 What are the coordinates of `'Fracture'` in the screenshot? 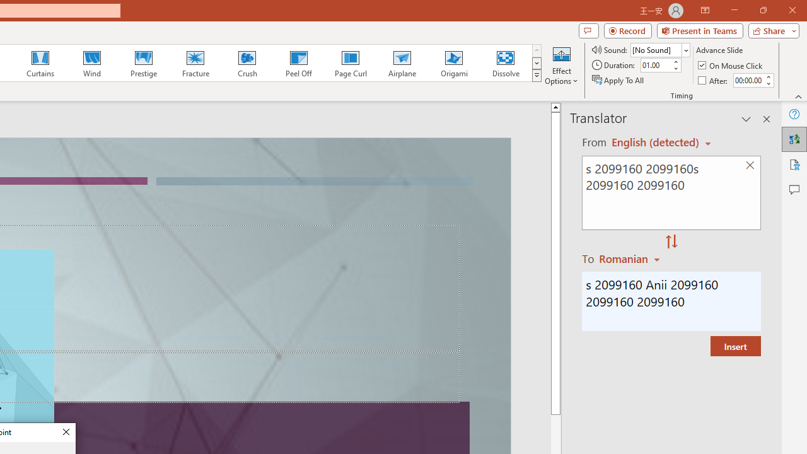 It's located at (194, 63).